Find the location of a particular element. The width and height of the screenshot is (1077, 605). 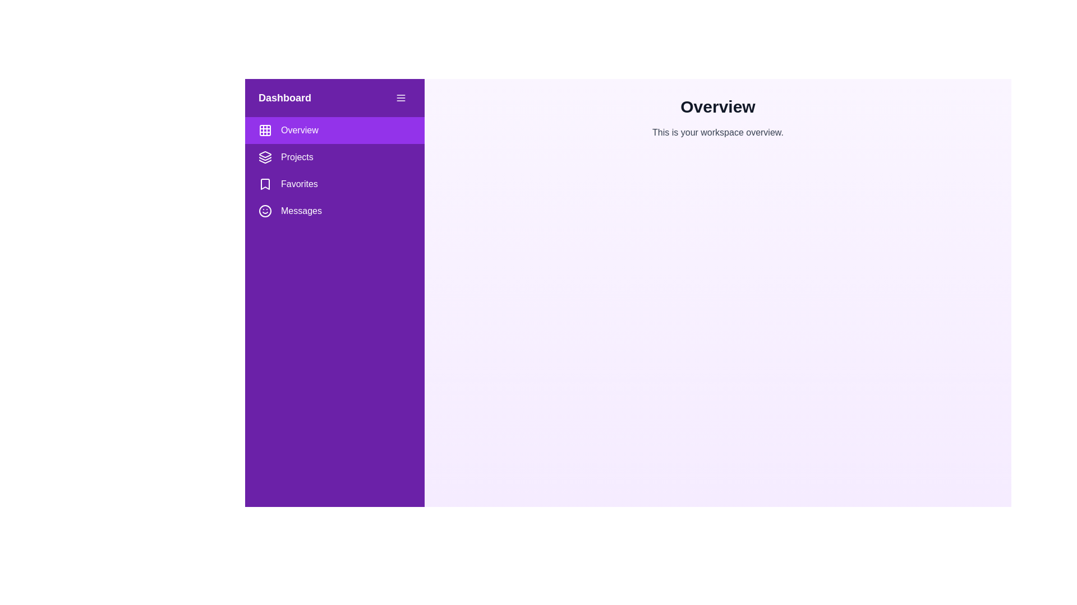

the menu item Projects from the drawer is located at coordinates (334, 157).